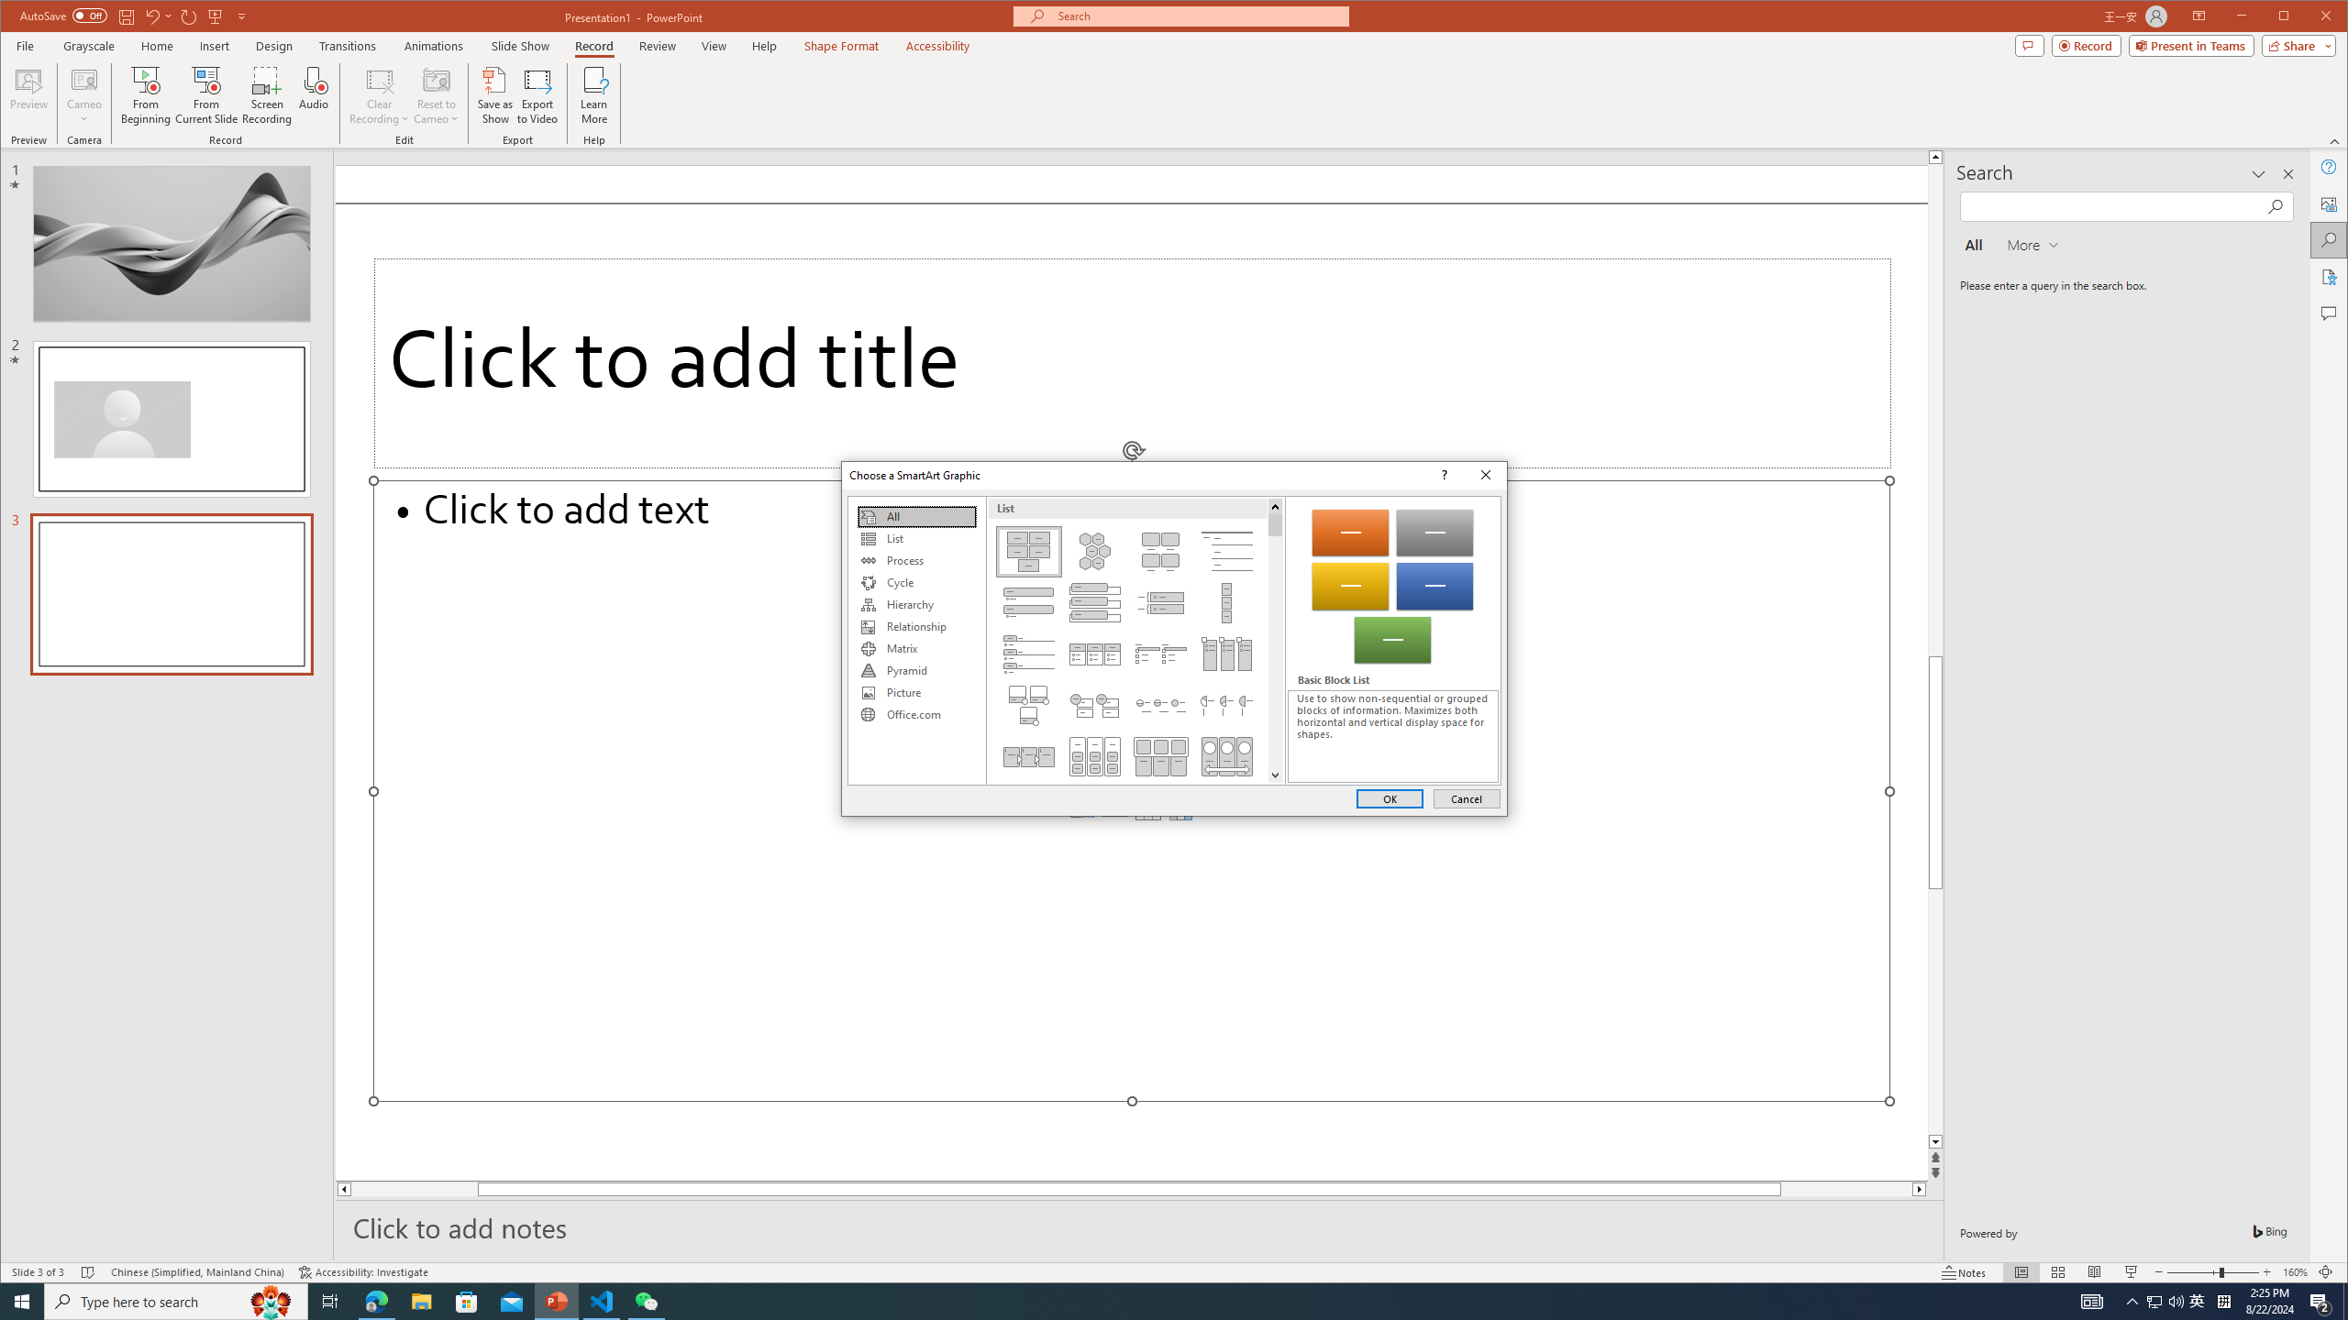 This screenshot has width=2348, height=1320. Describe the element at coordinates (1092, 705) in the screenshot. I see `'Stacked List'` at that location.